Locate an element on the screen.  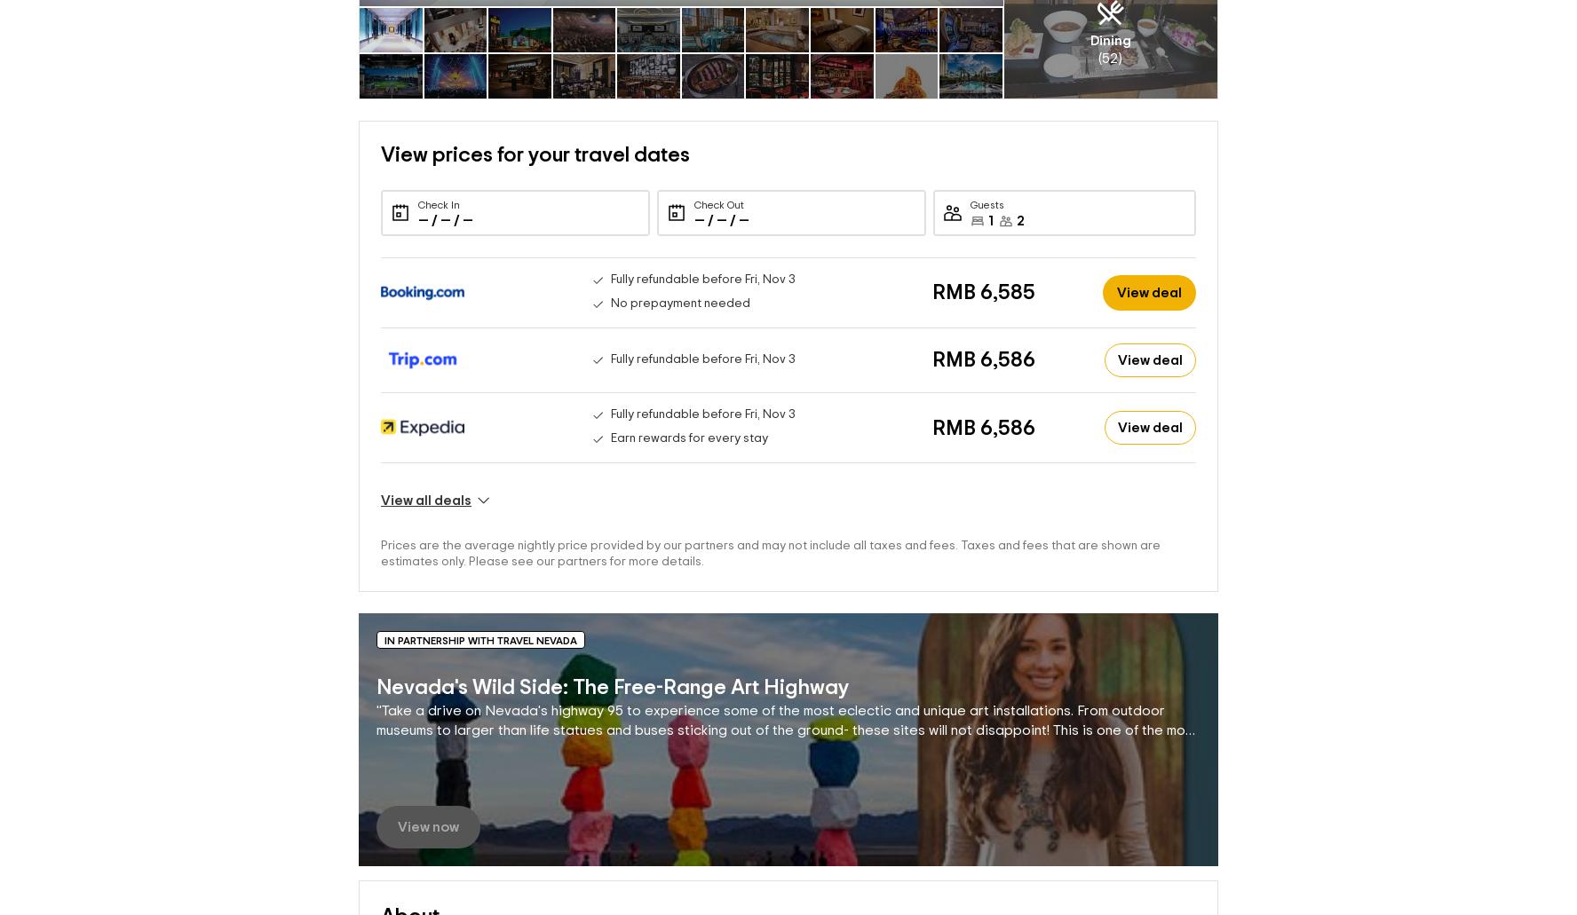
'About' is located at coordinates (408, 887).